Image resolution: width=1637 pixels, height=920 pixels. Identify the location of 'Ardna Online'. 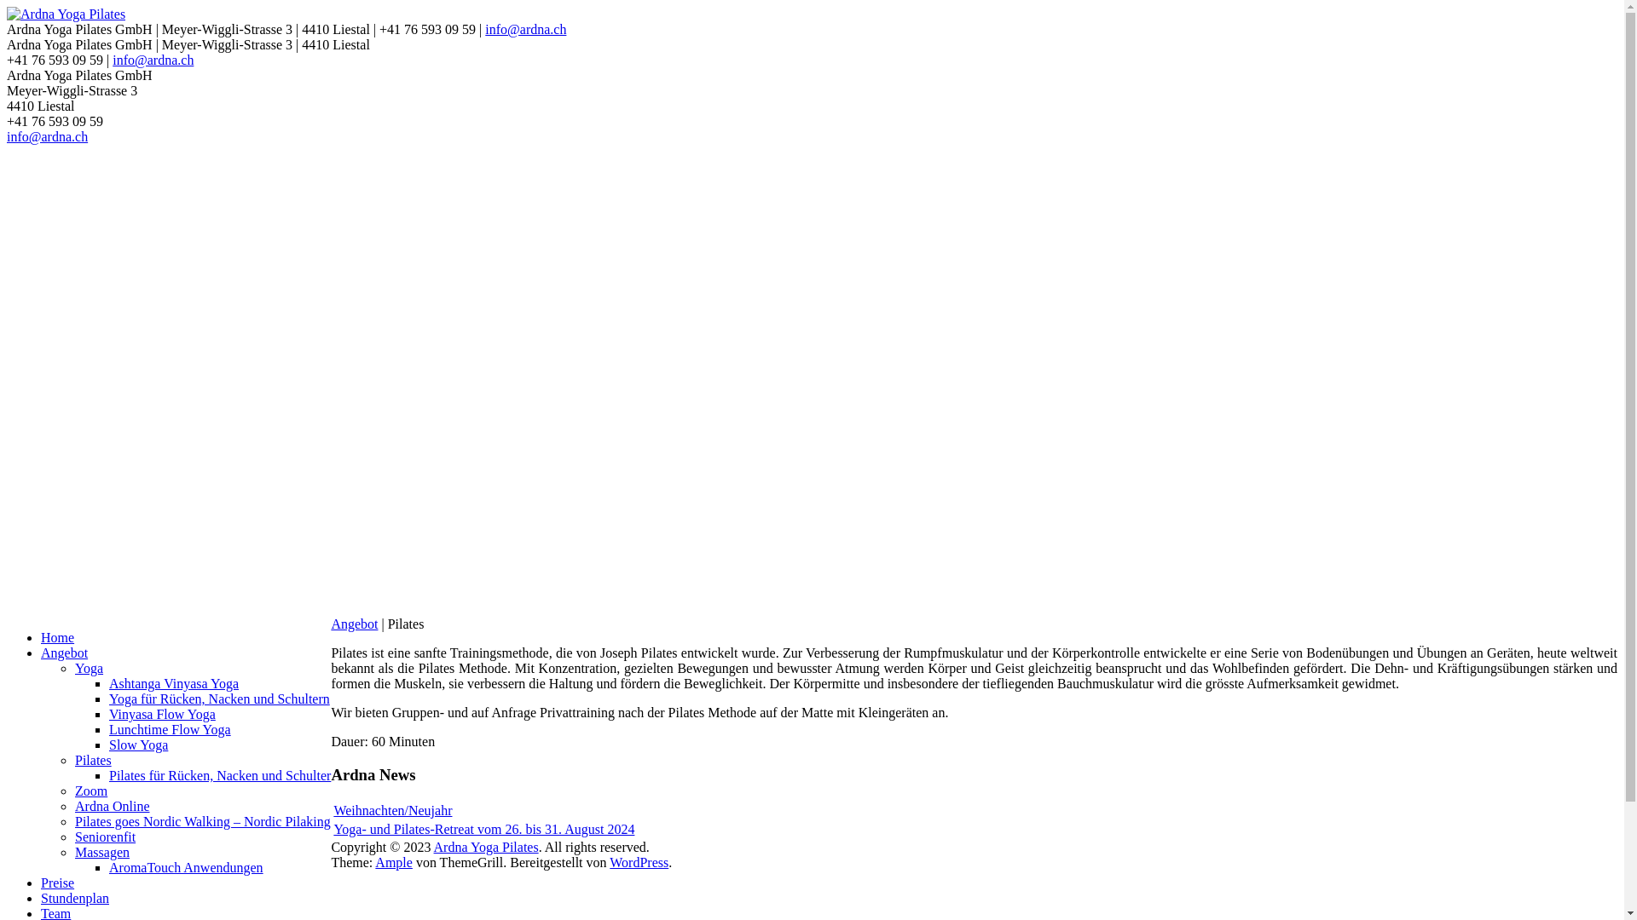
(111, 805).